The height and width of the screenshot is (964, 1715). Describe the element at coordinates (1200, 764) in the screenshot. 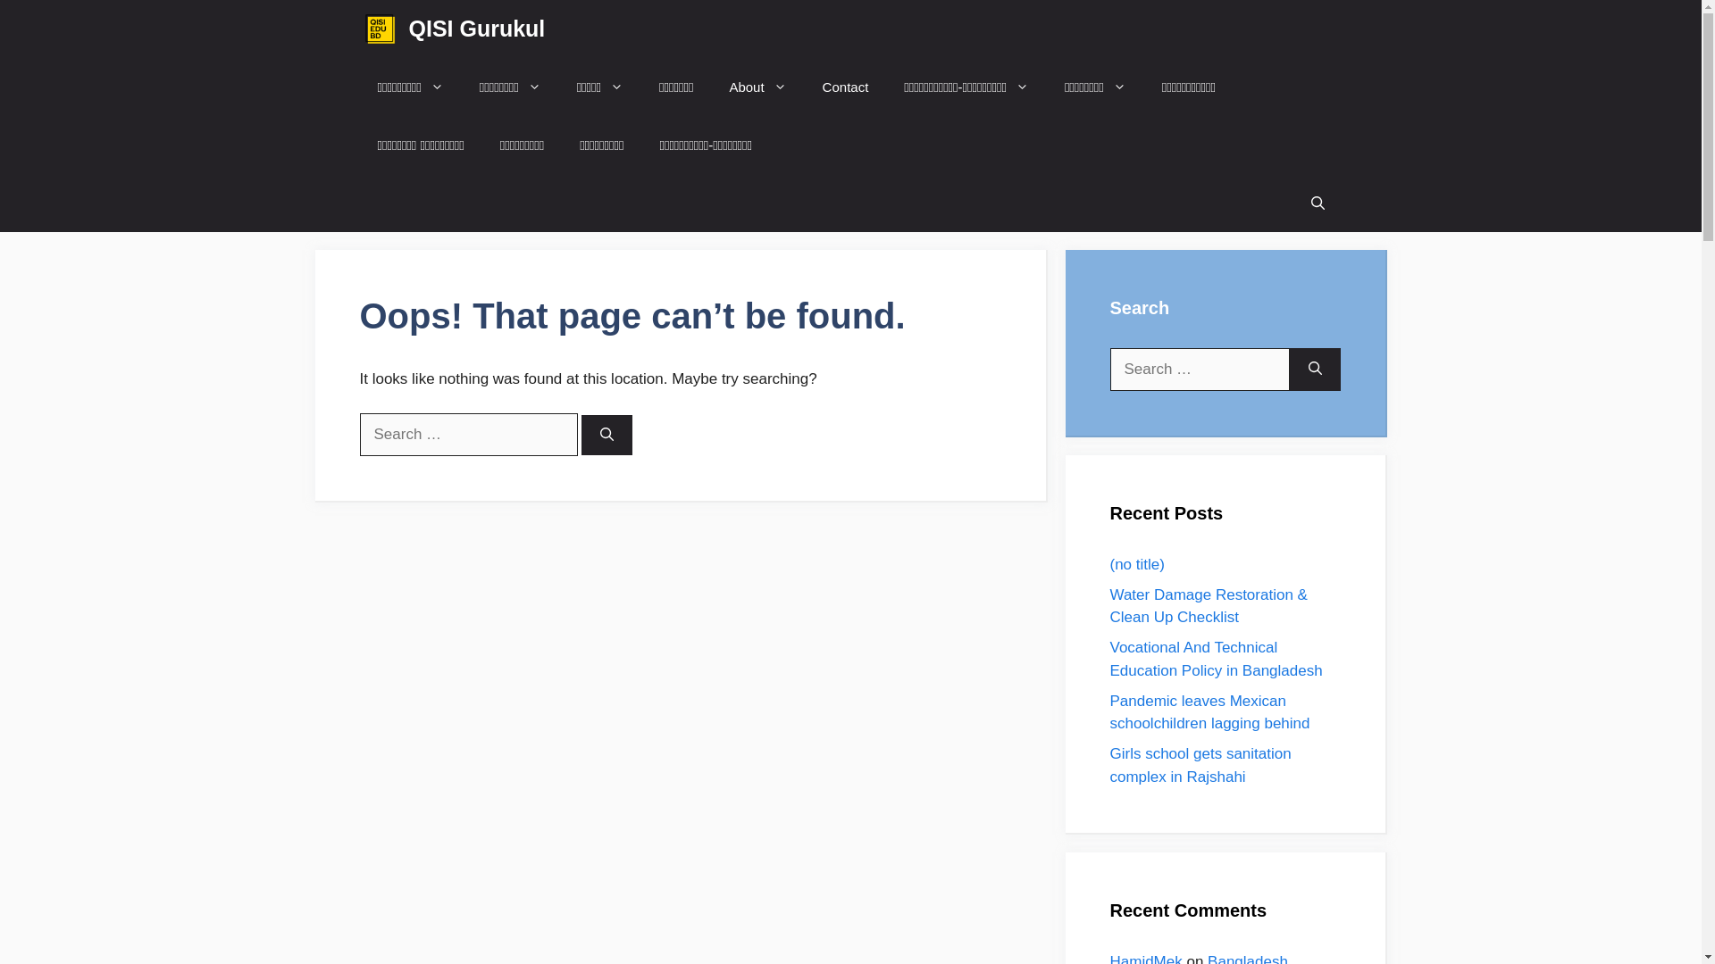

I see `'Girls school gets sanitation complex in Rajshahi'` at that location.